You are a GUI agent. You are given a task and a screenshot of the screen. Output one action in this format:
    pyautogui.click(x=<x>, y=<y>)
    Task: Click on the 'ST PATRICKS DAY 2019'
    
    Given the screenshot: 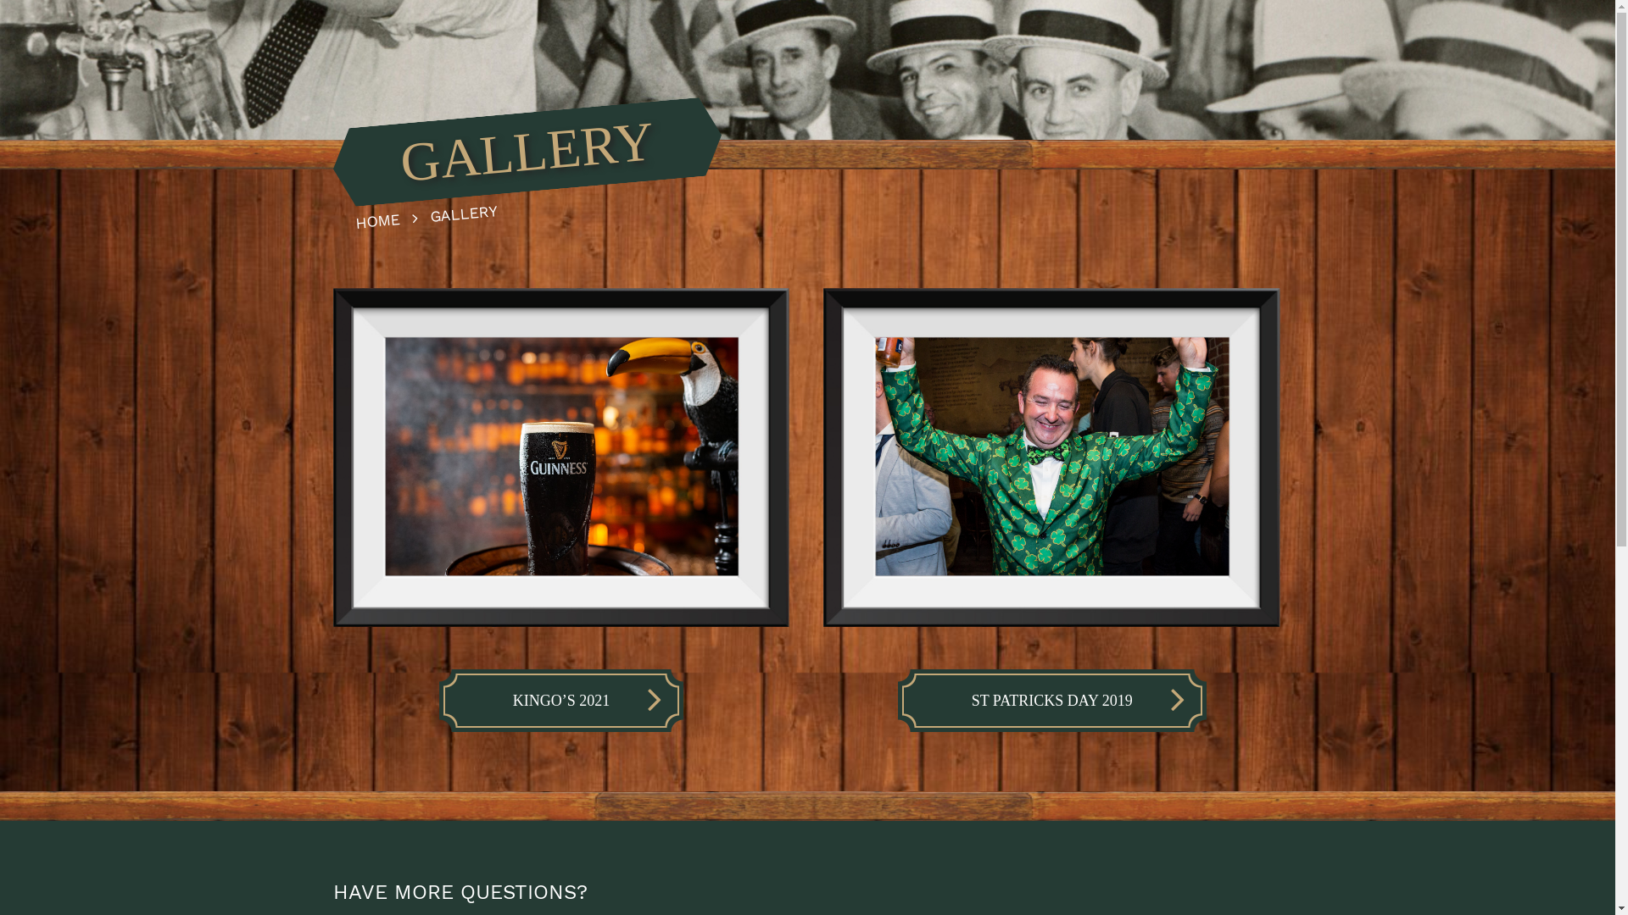 What is the action you would take?
    pyautogui.click(x=902, y=700)
    